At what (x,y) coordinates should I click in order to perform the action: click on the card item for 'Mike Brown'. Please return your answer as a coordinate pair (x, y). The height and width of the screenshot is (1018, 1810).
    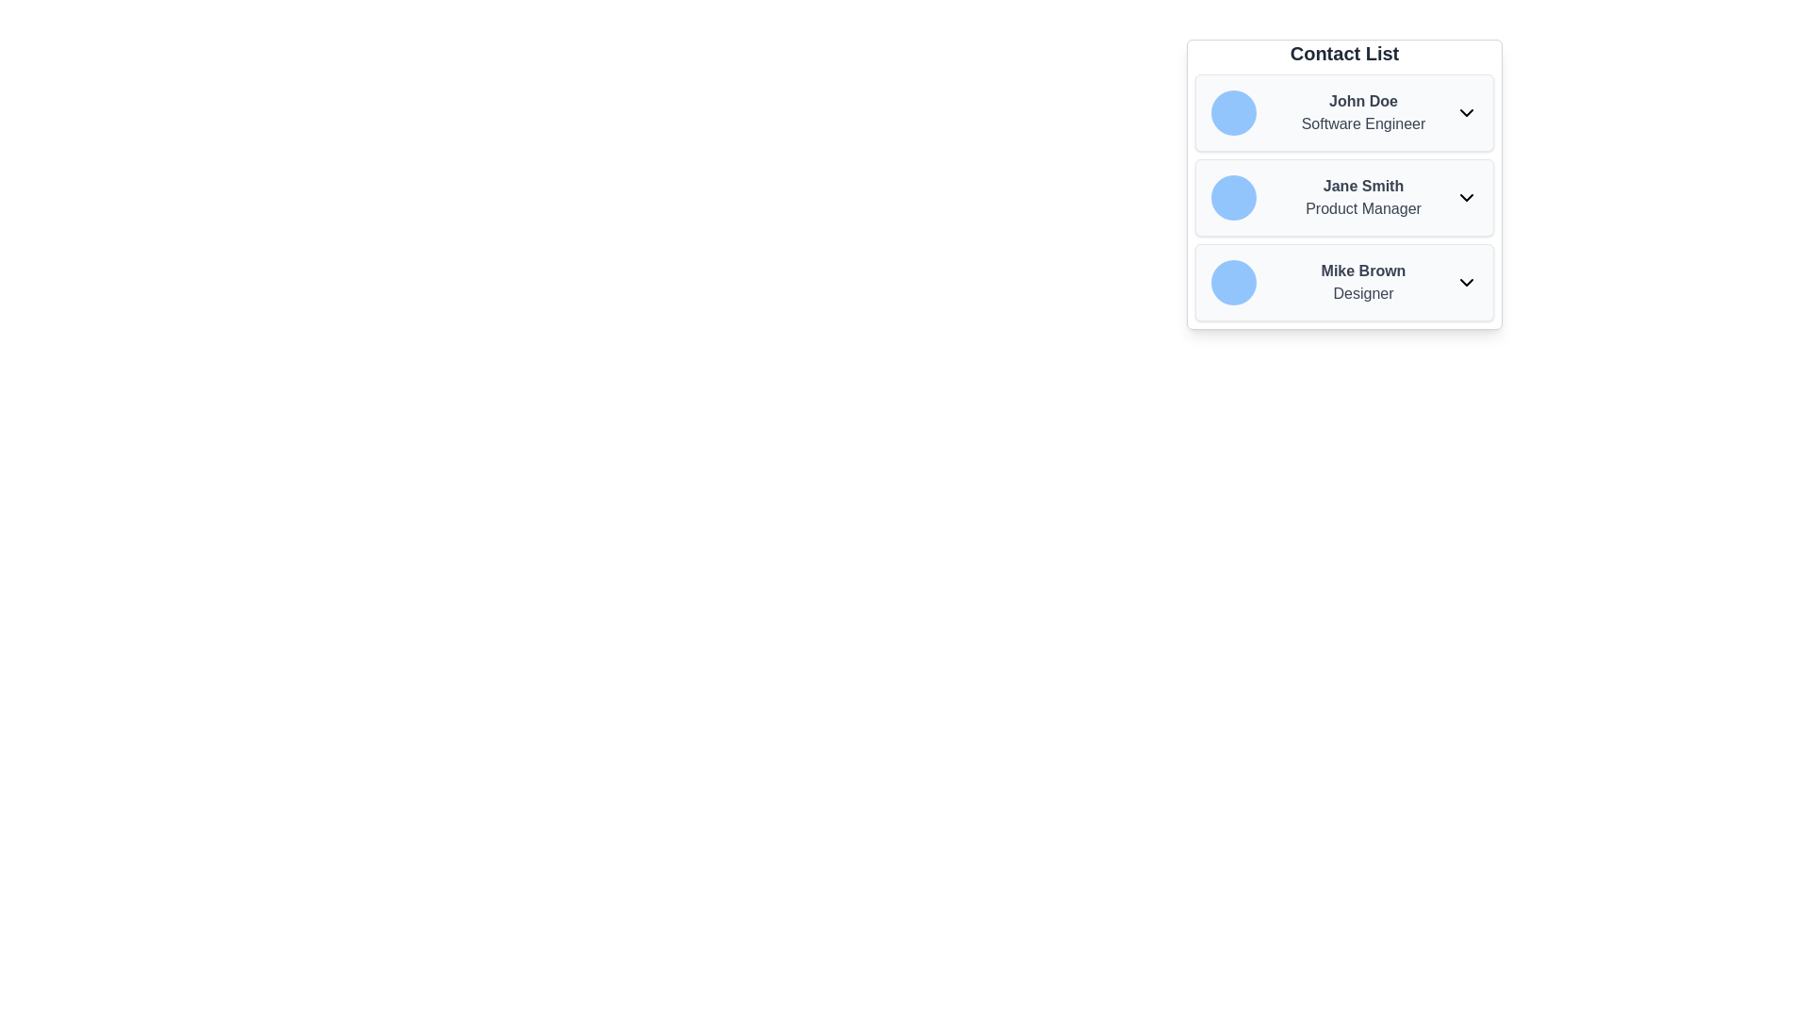
    Looking at the image, I should click on (1343, 283).